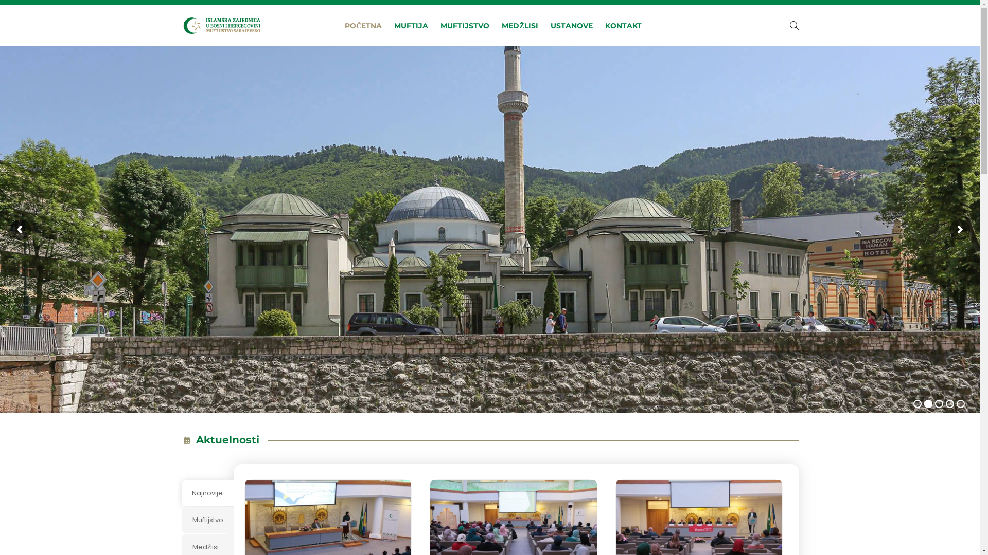  I want to click on 'KONTAKT', so click(623, 25).